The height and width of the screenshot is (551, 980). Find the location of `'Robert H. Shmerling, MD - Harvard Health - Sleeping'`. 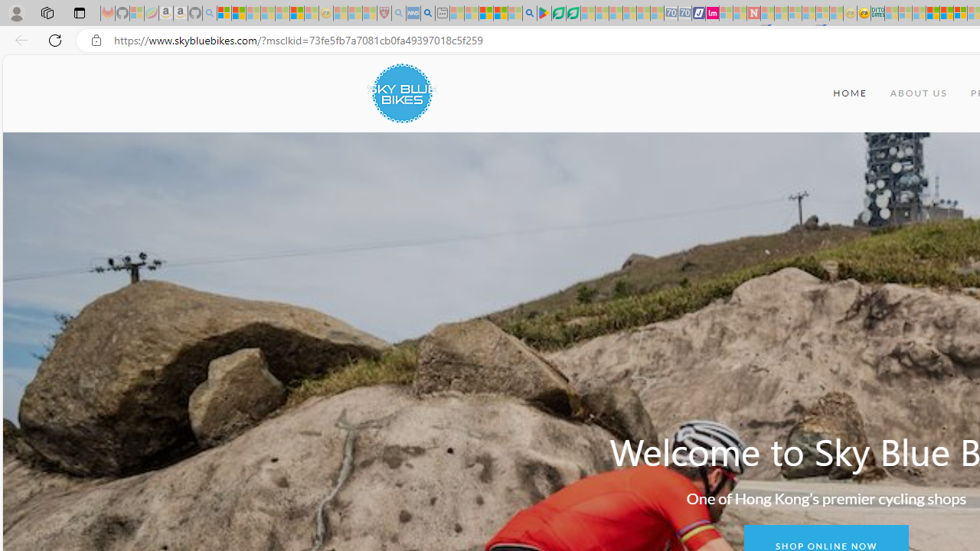

'Robert H. Shmerling, MD - Harvard Health - Sleeping' is located at coordinates (384, 13).